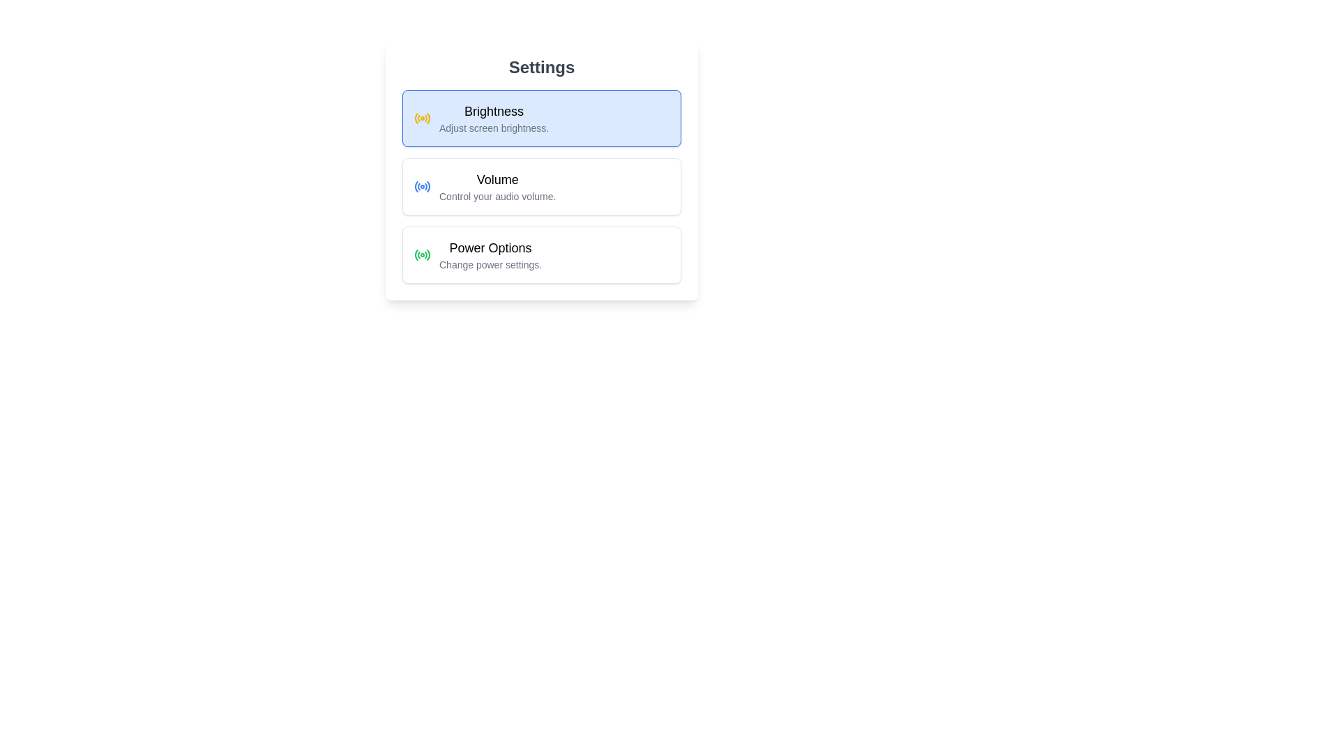 The height and width of the screenshot is (753, 1339). I want to click on the Informational label with dual-line text that reads 'Power Options', so click(490, 255).